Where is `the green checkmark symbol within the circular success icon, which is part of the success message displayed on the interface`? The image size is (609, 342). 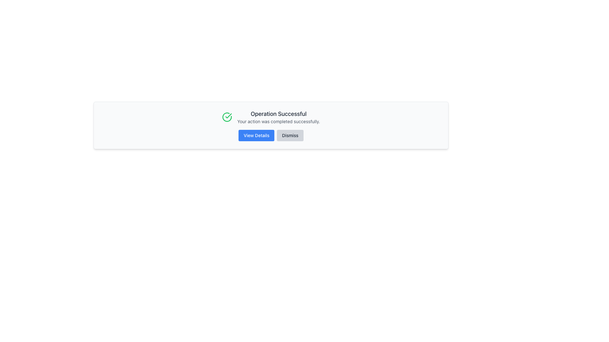
the green checkmark symbol within the circular success icon, which is part of the success message displayed on the interface is located at coordinates (228, 116).